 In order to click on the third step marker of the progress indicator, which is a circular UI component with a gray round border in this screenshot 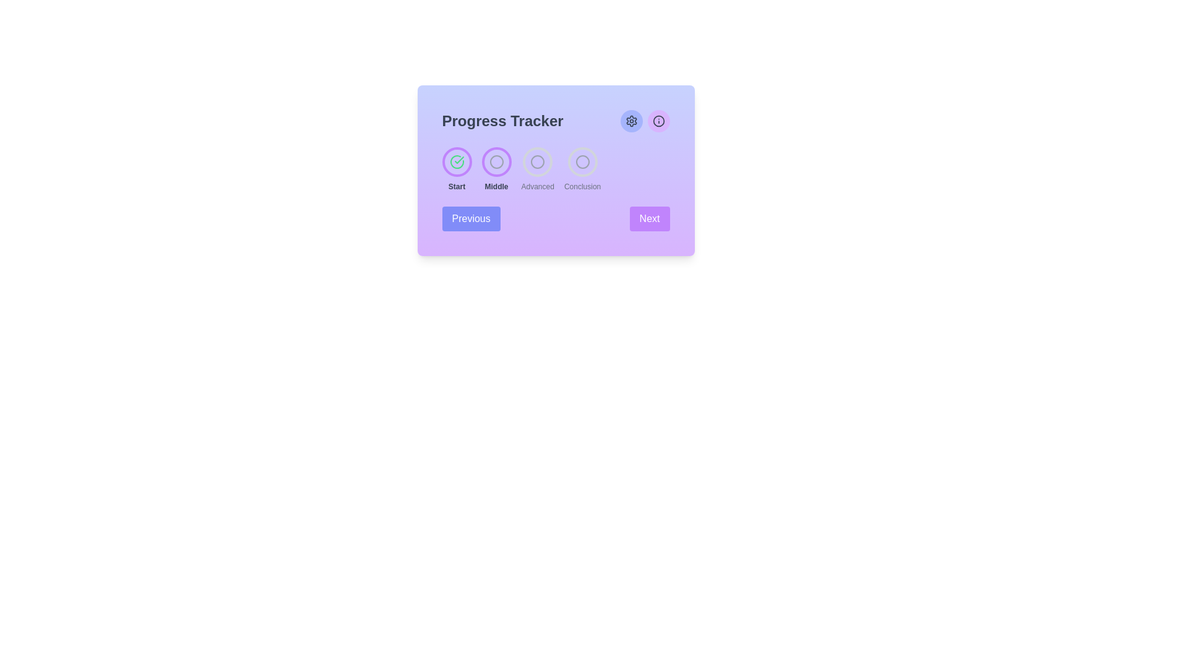, I will do `click(538, 161)`.